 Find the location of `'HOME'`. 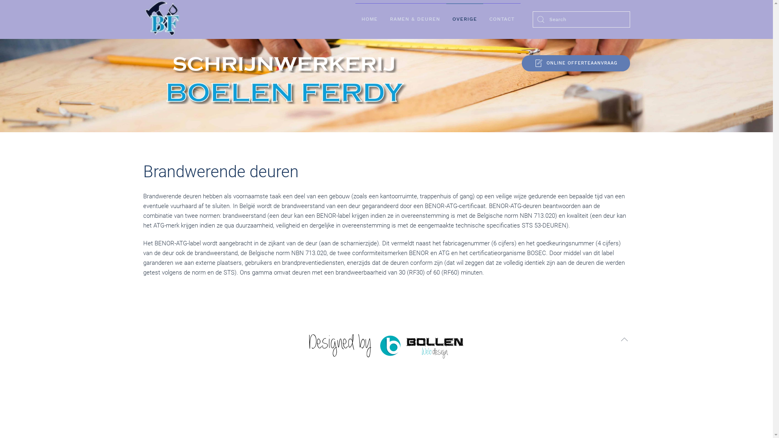

'HOME' is located at coordinates (369, 19).